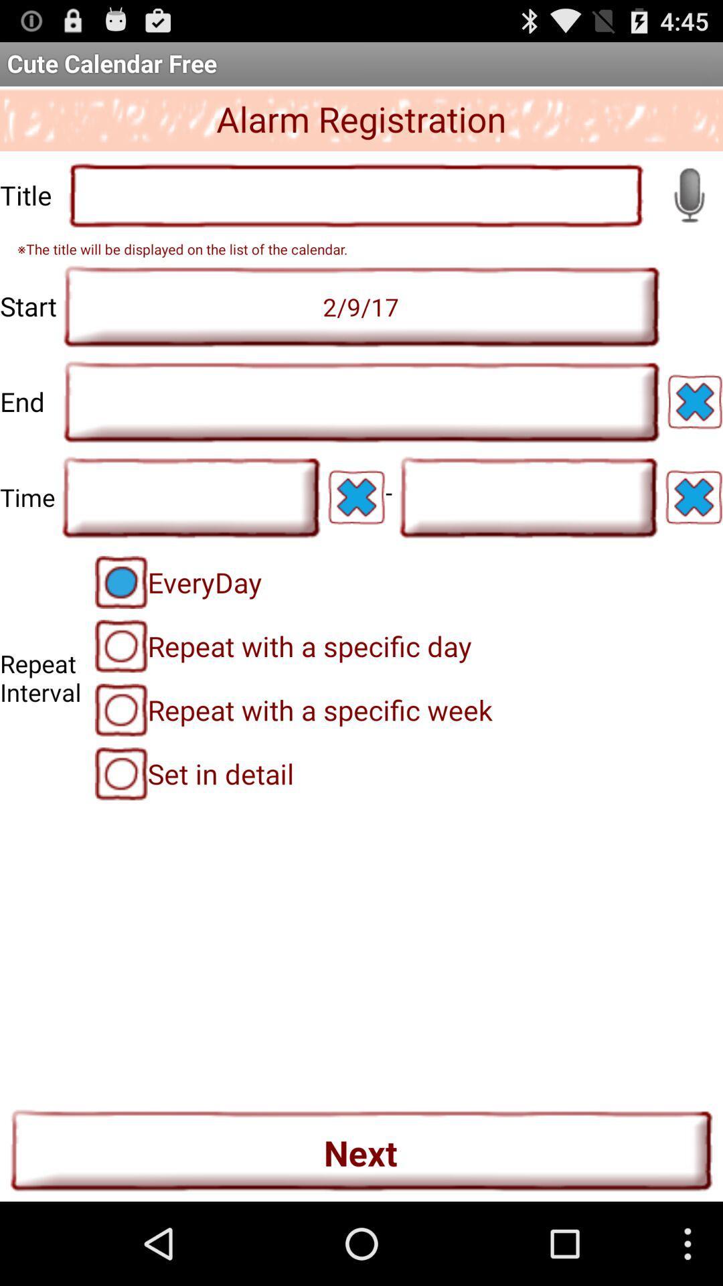 The image size is (723, 1286). I want to click on delete what i typed, so click(693, 496).